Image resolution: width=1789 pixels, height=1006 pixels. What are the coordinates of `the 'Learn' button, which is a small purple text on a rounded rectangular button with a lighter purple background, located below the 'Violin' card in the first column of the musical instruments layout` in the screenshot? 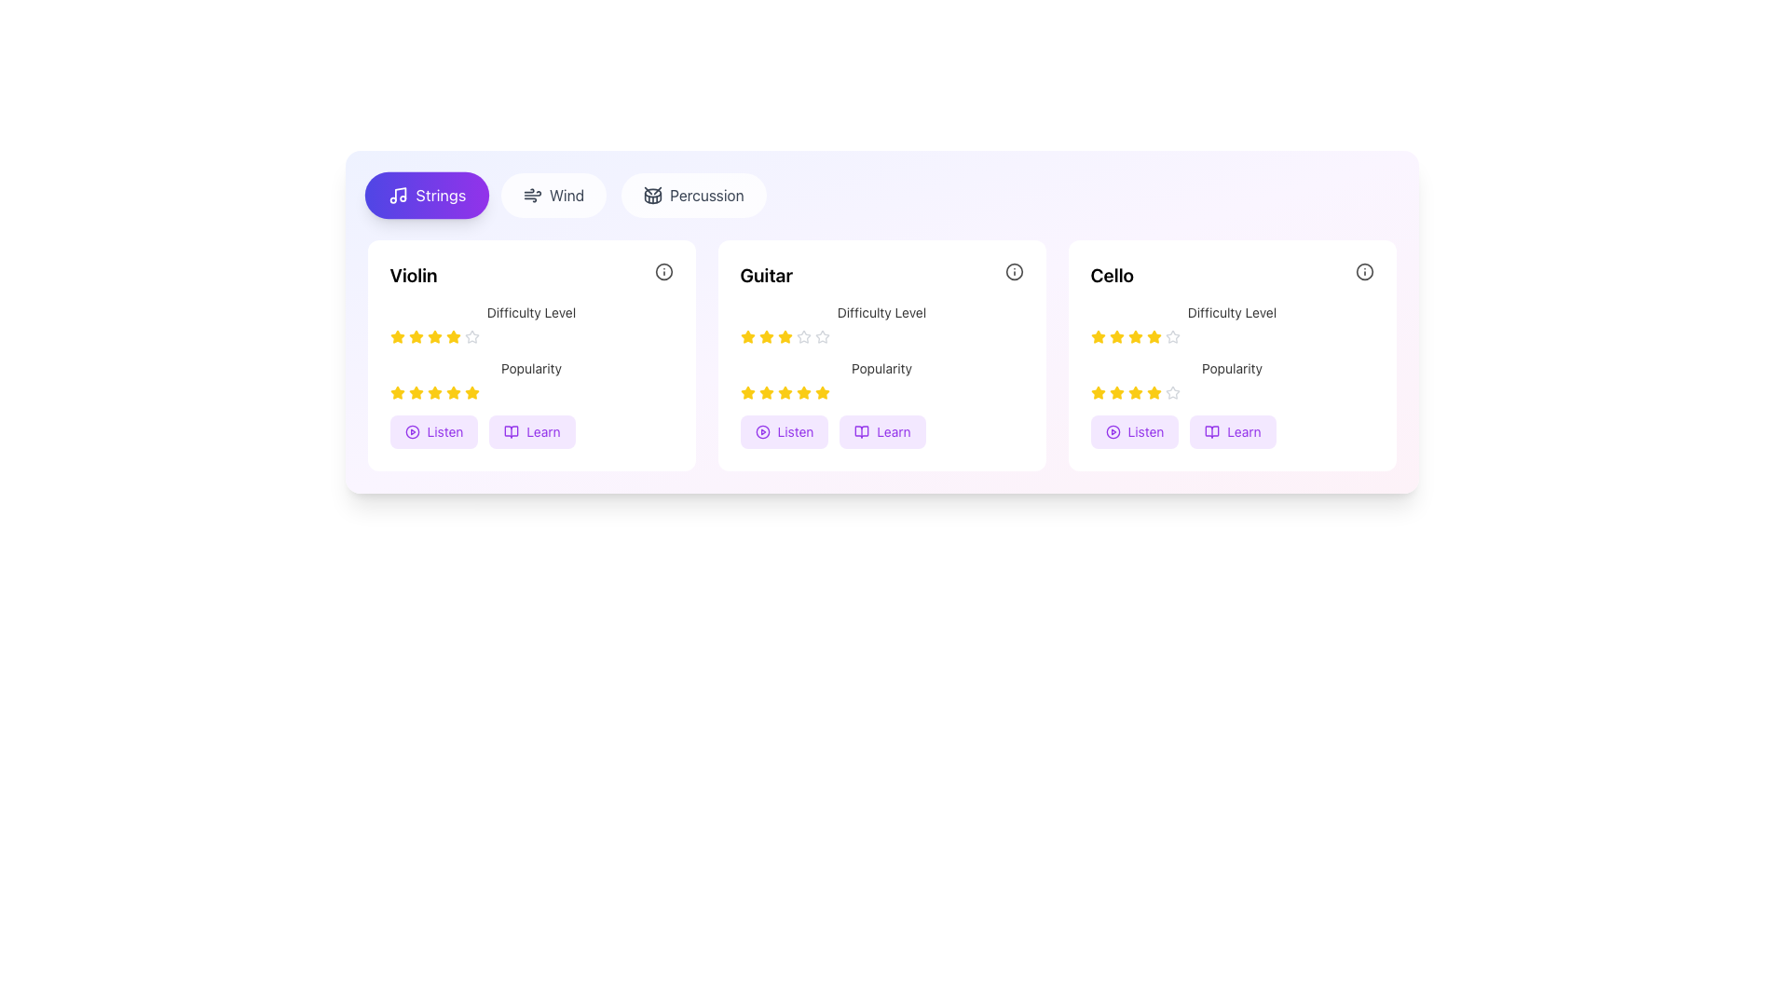 It's located at (542, 431).